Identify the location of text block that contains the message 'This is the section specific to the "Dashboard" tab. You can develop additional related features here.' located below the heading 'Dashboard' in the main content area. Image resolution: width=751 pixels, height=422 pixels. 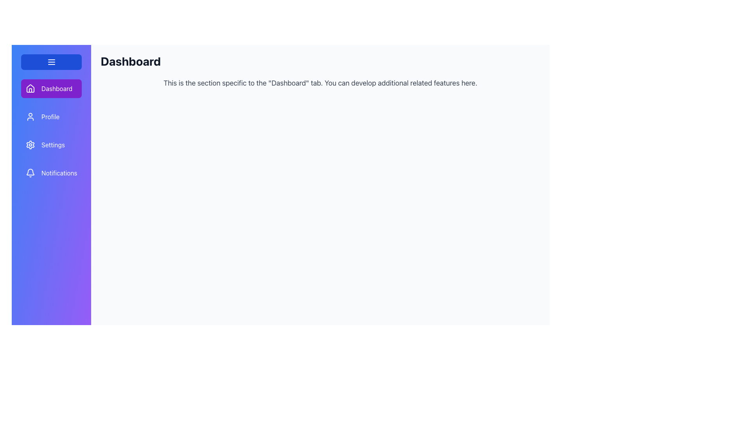
(320, 83).